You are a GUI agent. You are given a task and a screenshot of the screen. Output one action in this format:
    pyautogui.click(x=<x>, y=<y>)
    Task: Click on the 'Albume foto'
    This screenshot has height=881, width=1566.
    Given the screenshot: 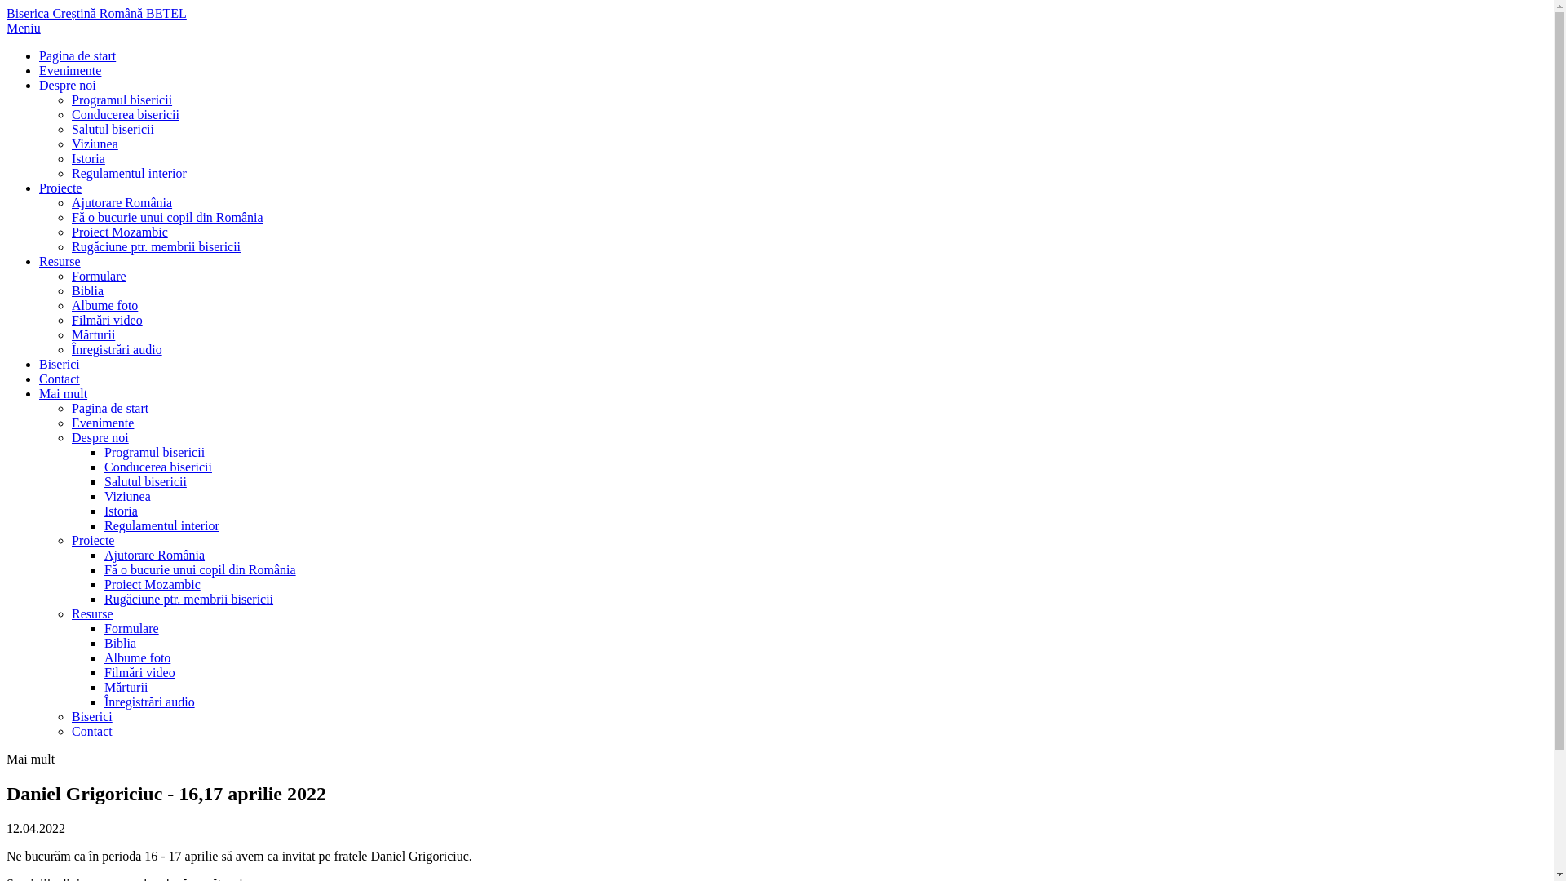 What is the action you would take?
    pyautogui.click(x=137, y=657)
    